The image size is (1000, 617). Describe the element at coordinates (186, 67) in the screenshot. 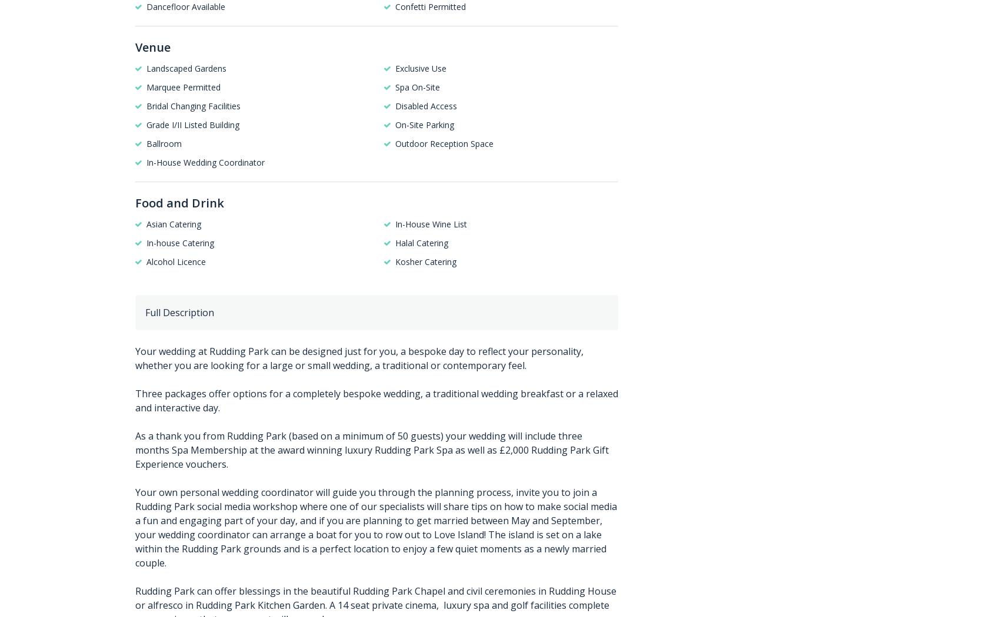

I see `'Landscaped Gardens'` at that location.